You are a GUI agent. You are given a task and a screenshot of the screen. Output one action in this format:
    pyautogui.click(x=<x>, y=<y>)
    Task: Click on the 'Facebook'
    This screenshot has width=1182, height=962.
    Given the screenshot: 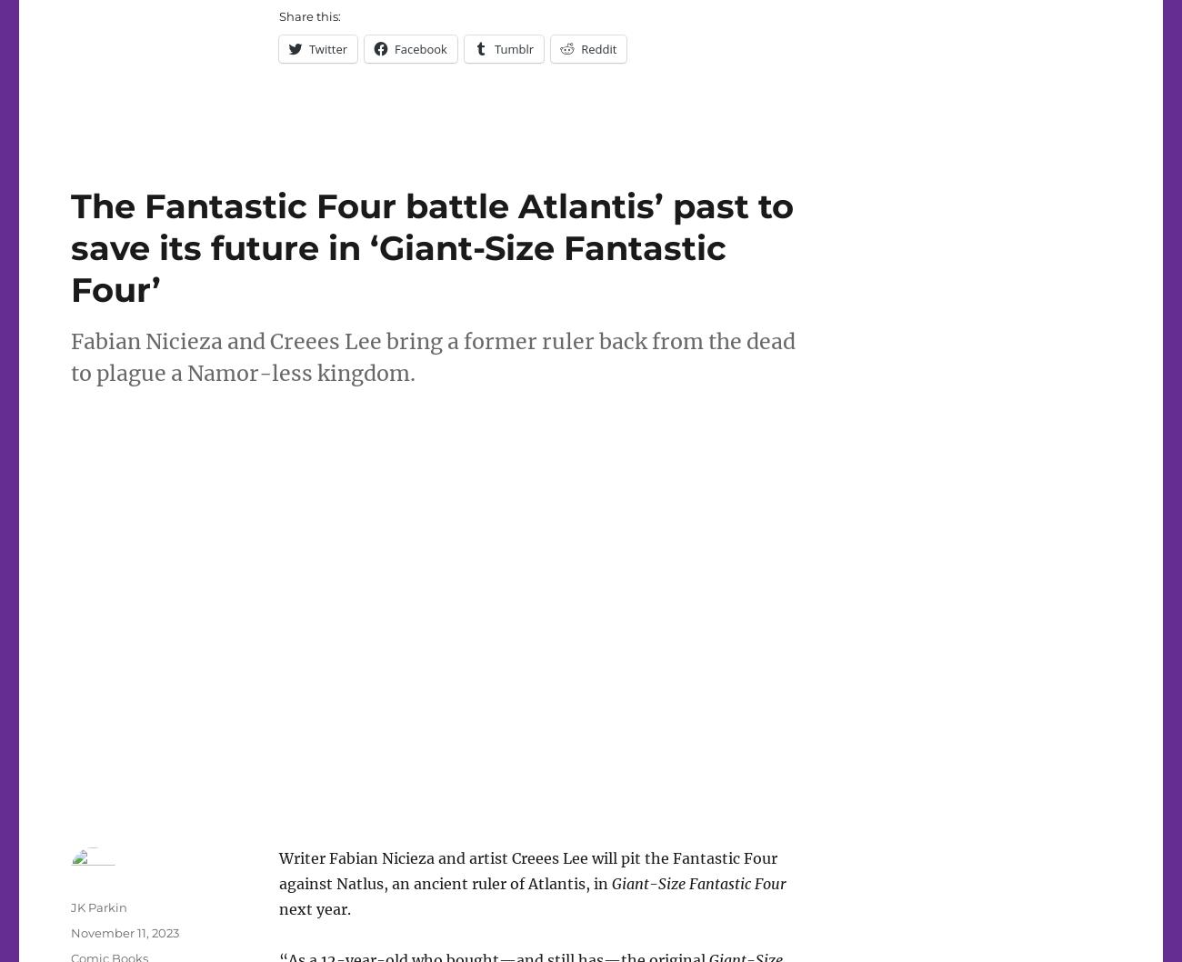 What is the action you would take?
    pyautogui.click(x=419, y=48)
    